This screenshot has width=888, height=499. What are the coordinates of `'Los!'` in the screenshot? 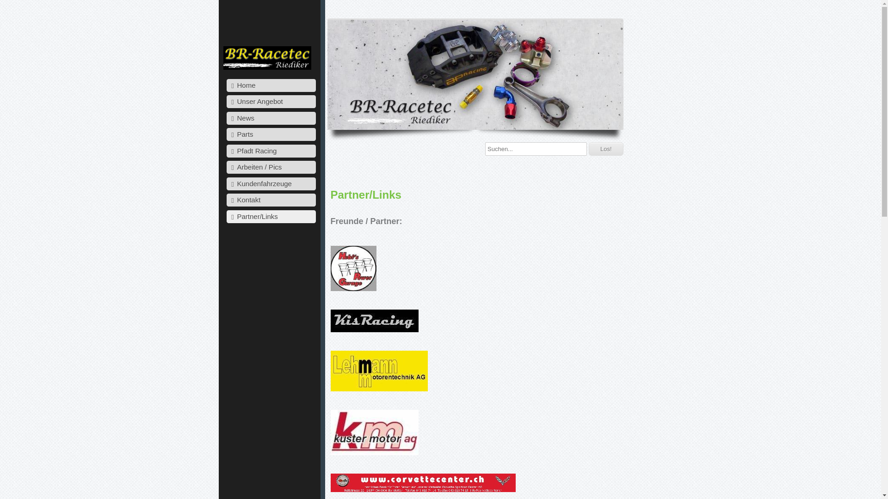 It's located at (606, 148).